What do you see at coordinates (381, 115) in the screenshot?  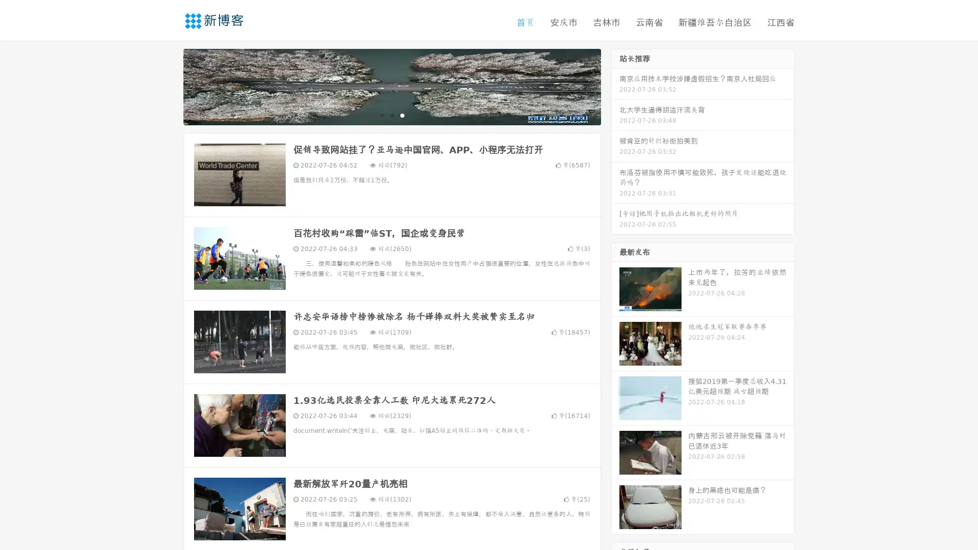 I see `Go to slide 1` at bounding box center [381, 115].